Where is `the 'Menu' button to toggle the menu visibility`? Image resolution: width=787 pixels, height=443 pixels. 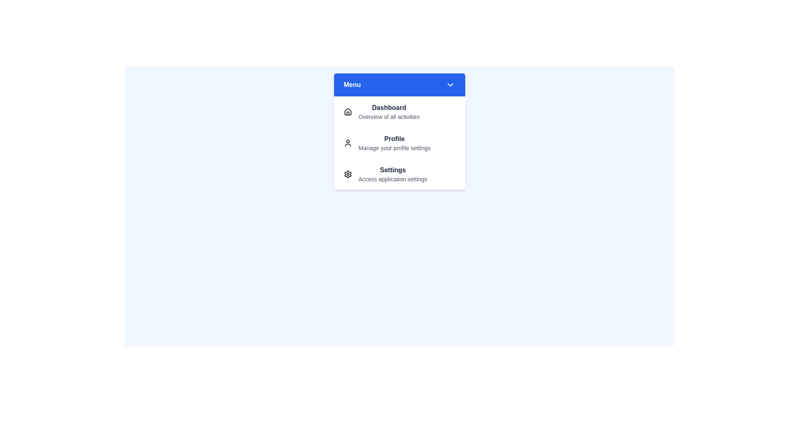
the 'Menu' button to toggle the menu visibility is located at coordinates (399, 85).